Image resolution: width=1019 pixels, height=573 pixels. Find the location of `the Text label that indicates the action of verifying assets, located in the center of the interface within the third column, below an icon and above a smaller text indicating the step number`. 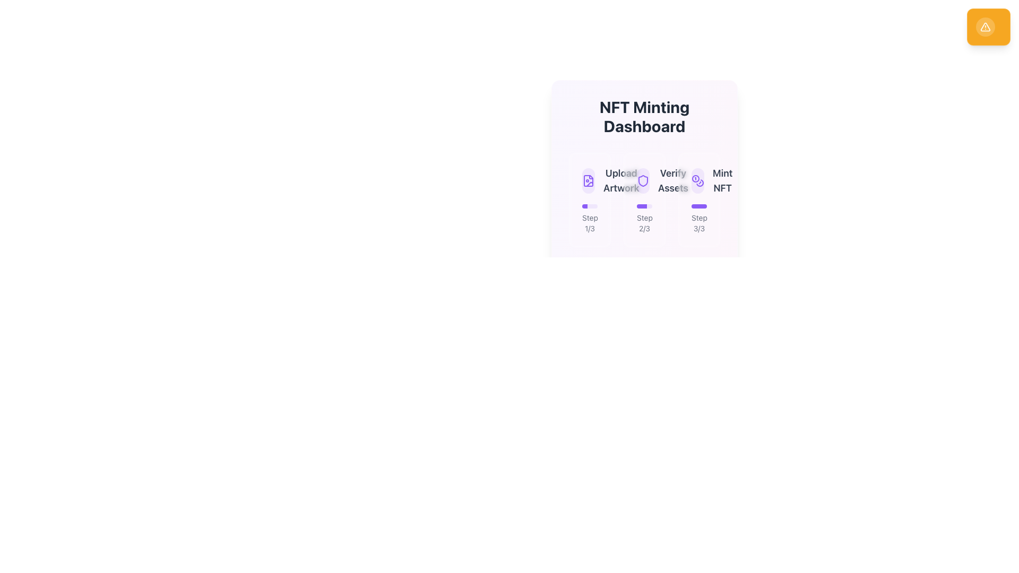

the Text label that indicates the action of verifying assets, located in the center of the interface within the third column, below an icon and above a smaller text indicating the step number is located at coordinates (672, 180).